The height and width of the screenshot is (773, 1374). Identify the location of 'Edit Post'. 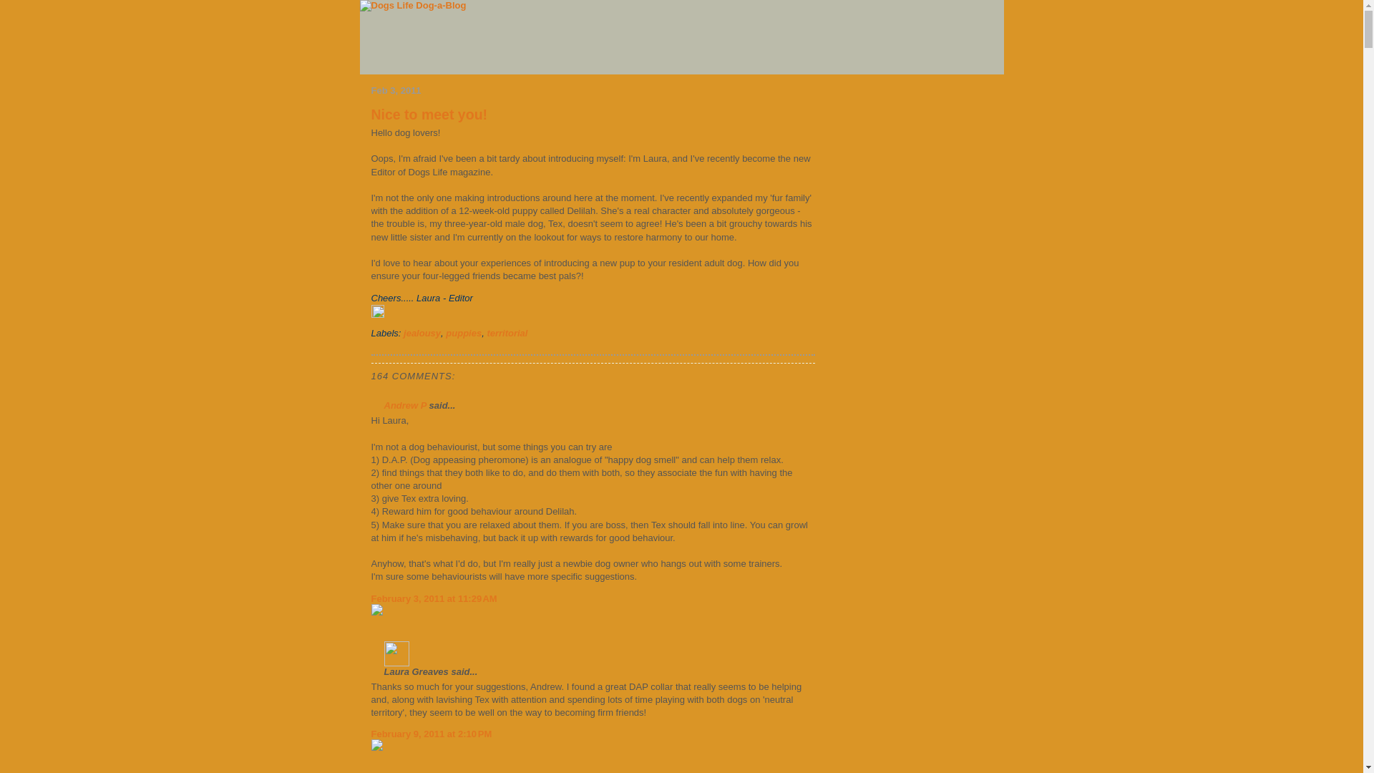
(592, 316).